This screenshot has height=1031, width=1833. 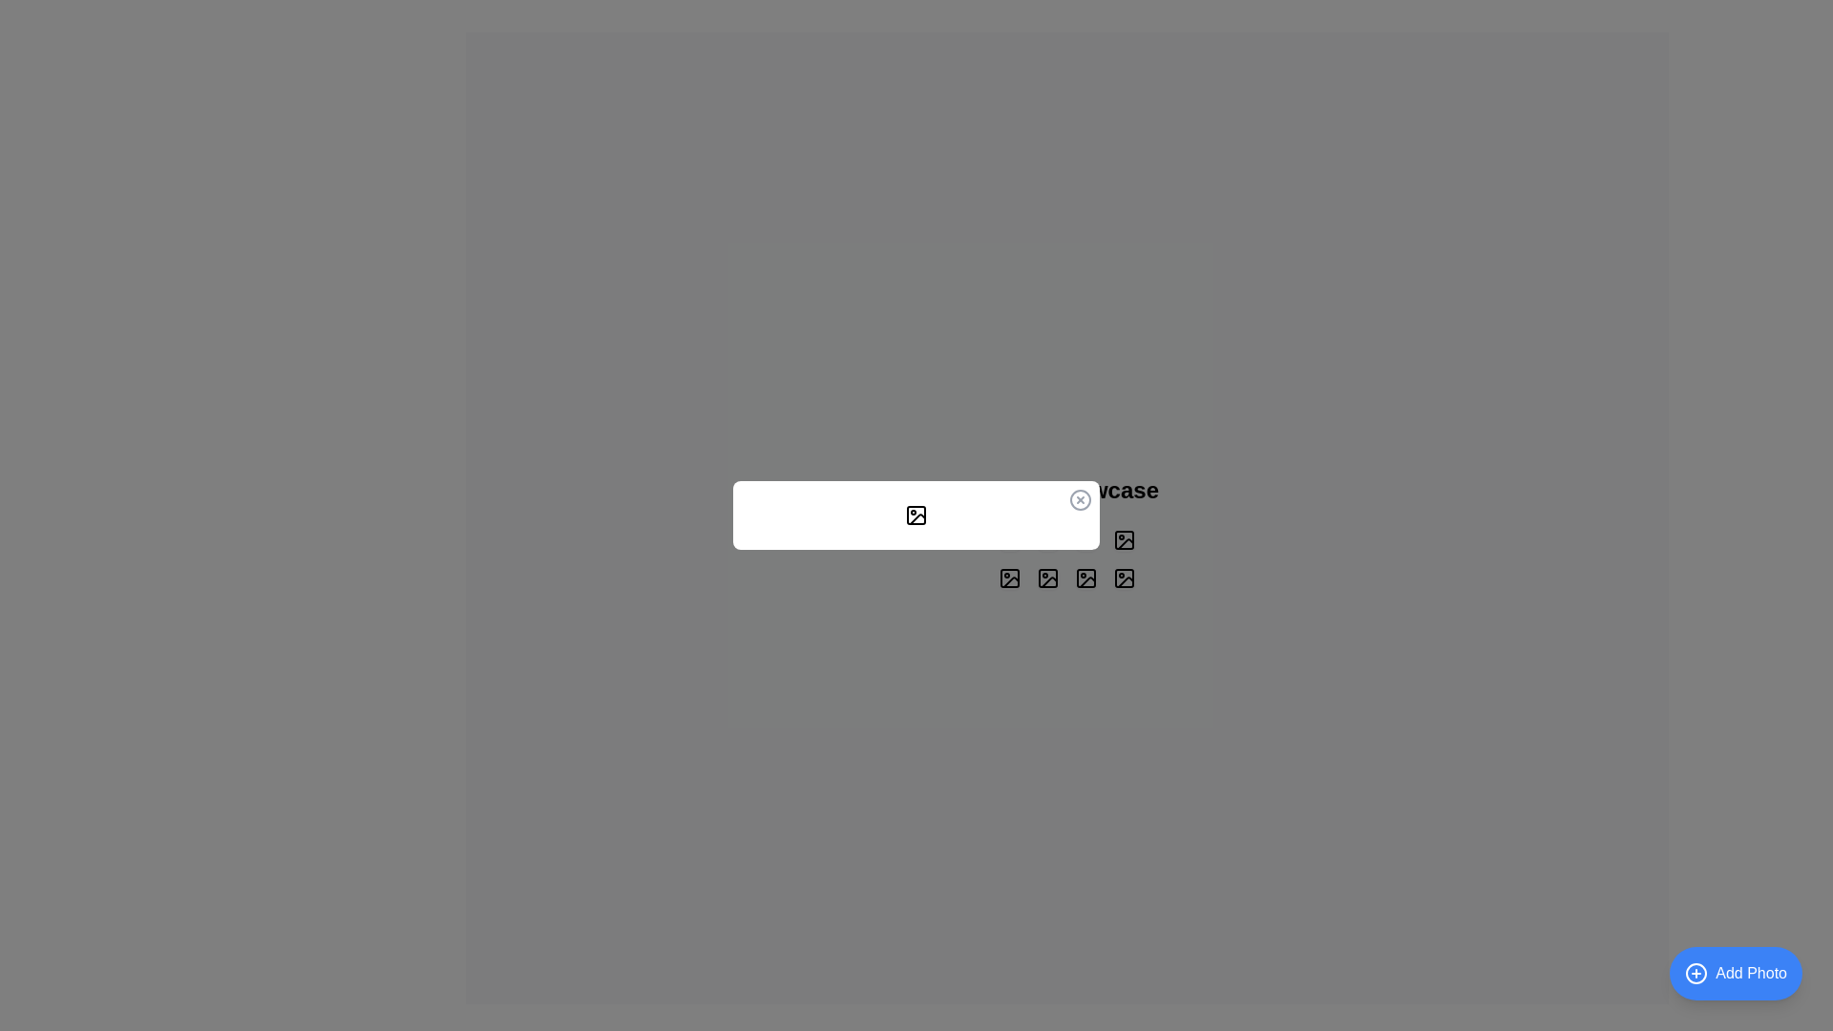 I want to click on the status indicator dot located in the first column of the first row of the grid layout, so click(x=1008, y=540).